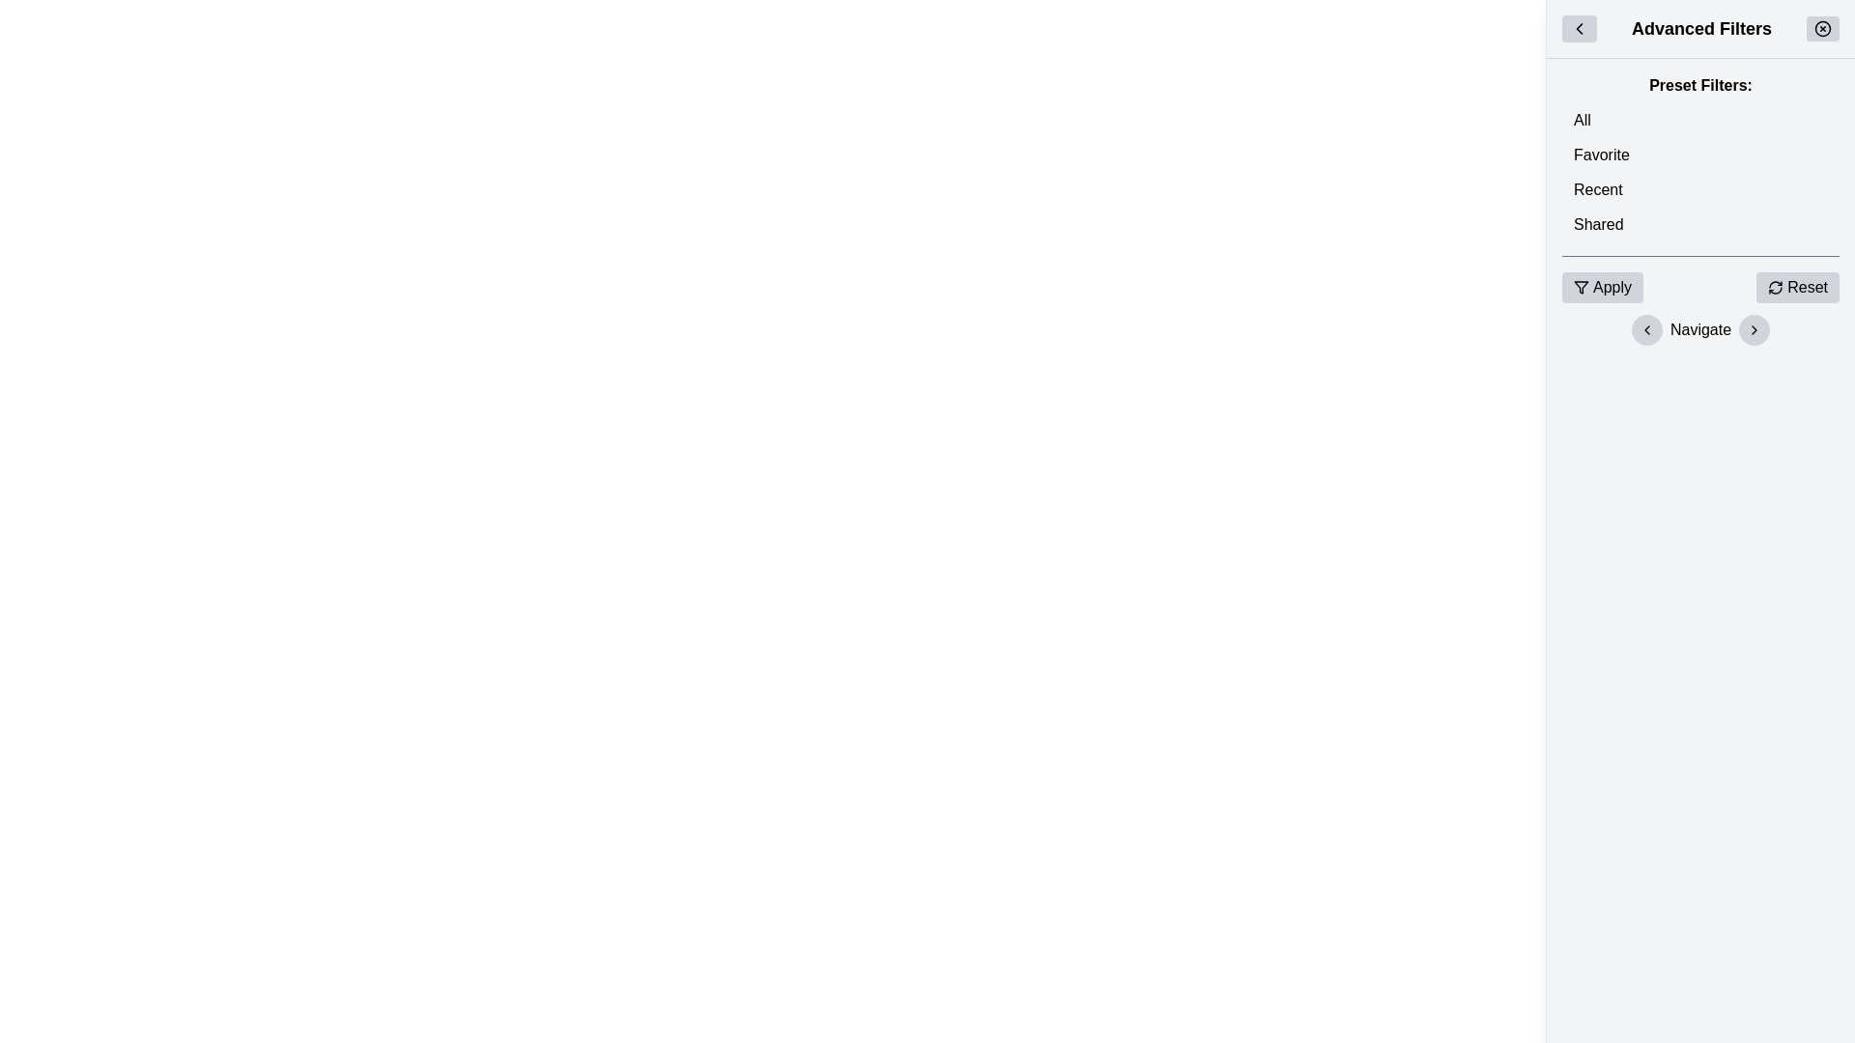 The image size is (1855, 1043). I want to click on the 'Apply' button in the 'Advanced Filters' sidebar to confirm the selected filter criteria, so click(1700, 287).